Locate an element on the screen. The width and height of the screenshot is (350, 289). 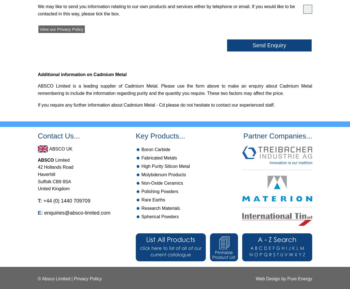
'Key Products...' is located at coordinates (160, 136).